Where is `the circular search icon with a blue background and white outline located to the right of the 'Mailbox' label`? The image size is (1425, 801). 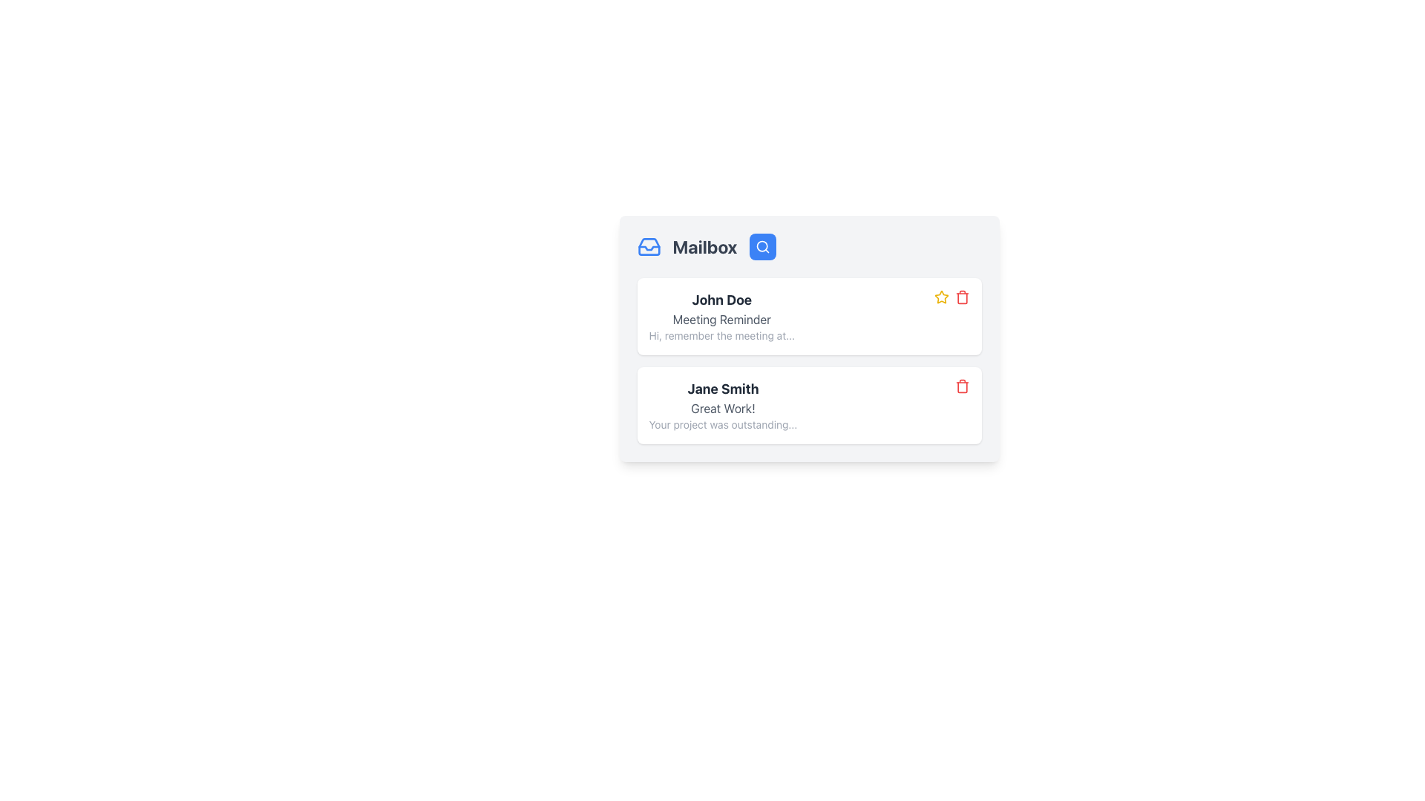
the circular search icon with a blue background and white outline located to the right of the 'Mailbox' label is located at coordinates (762, 245).